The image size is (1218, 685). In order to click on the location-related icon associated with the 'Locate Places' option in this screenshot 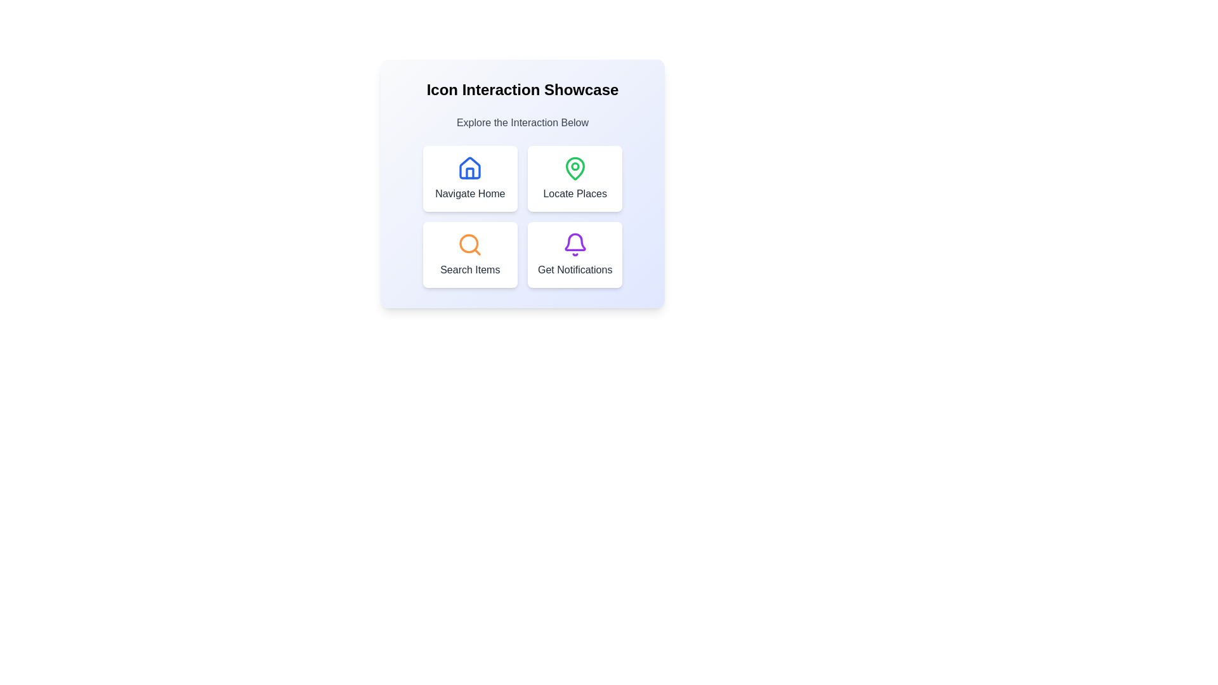, I will do `click(574, 168)`.